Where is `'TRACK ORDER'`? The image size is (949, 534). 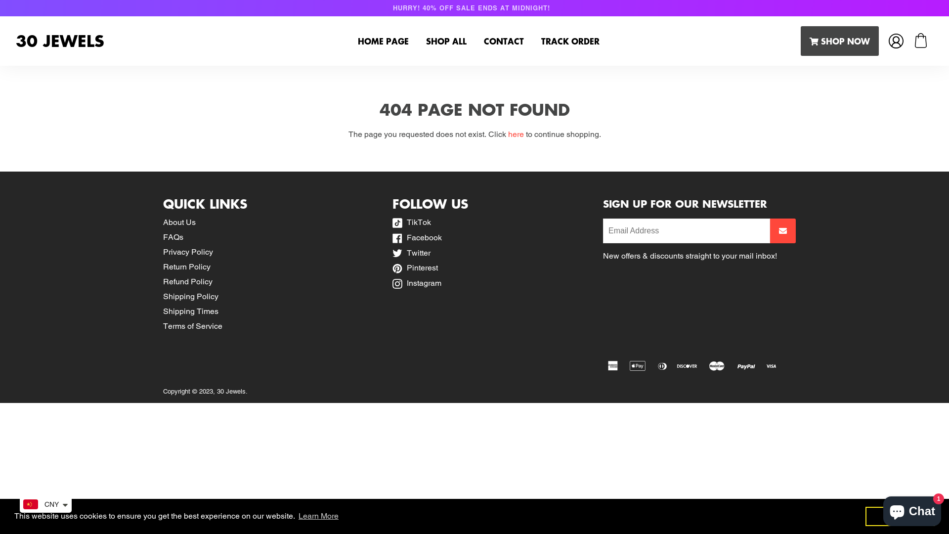 'TRACK ORDER' is located at coordinates (535, 41).